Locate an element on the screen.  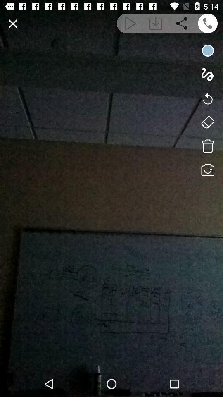
the share icon is located at coordinates (182, 23).